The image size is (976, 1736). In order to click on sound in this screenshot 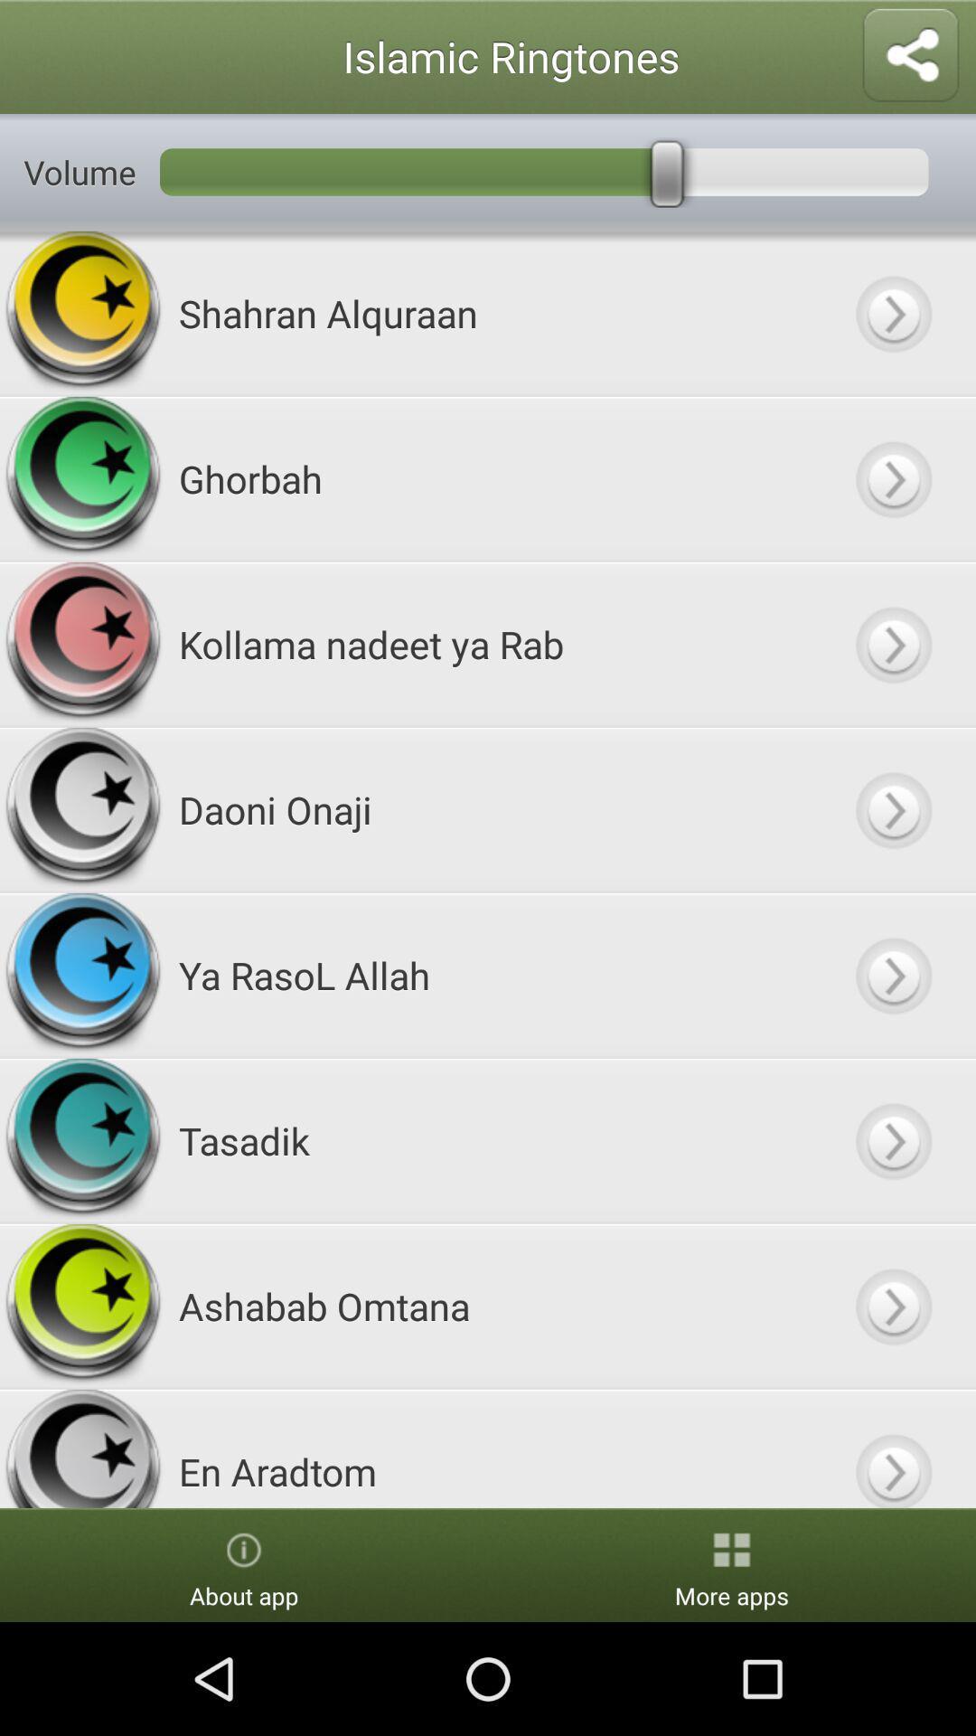, I will do `click(892, 974)`.